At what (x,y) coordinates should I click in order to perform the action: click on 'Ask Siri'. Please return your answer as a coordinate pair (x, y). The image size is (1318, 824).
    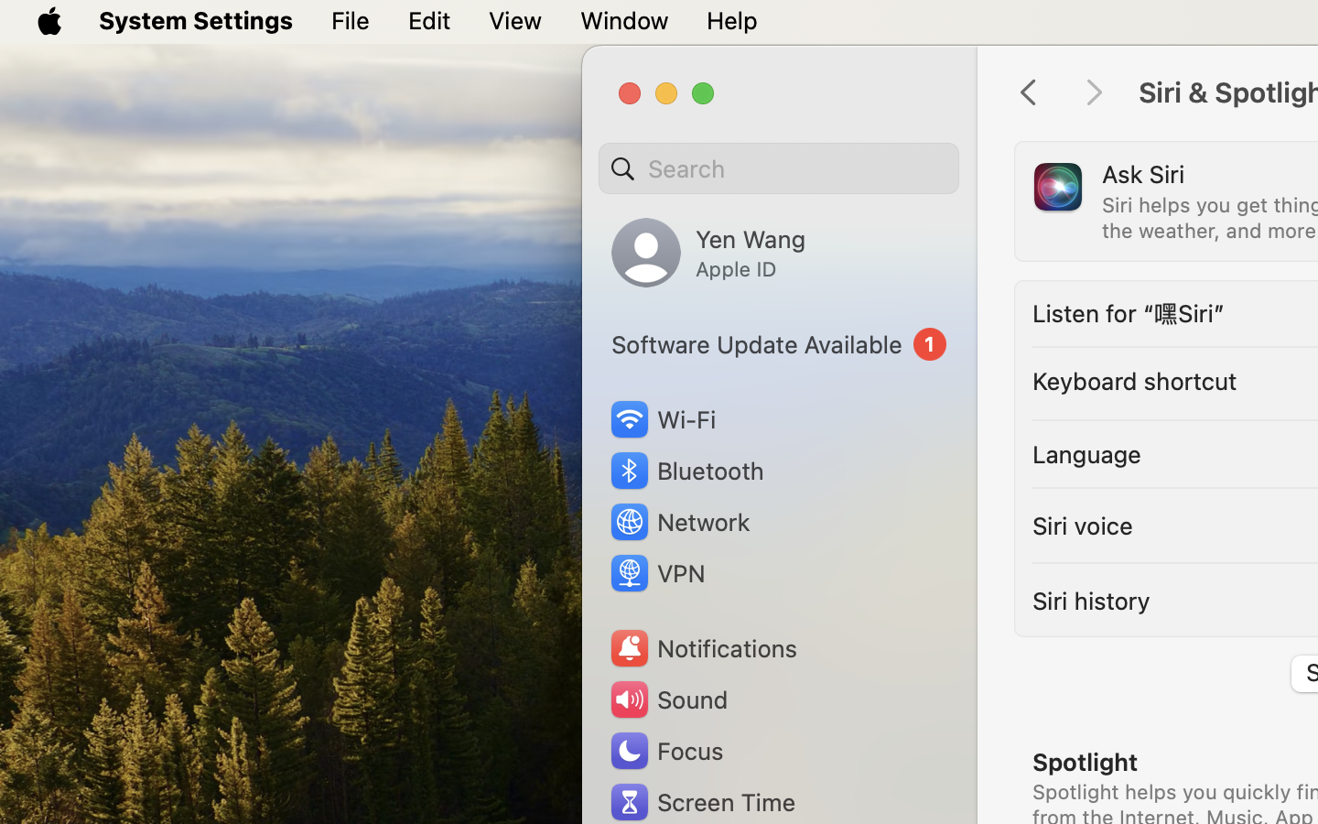
    Looking at the image, I should click on (1142, 173).